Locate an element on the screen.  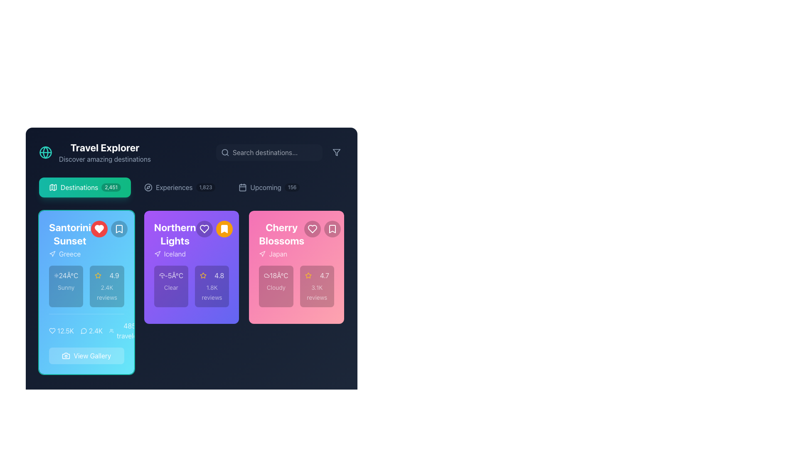
the Text Label displaying '485 travelers' located at the bottom section of the 'Santorini Sunset' card, which is aligned with icons and other textual information is located at coordinates (129, 330).